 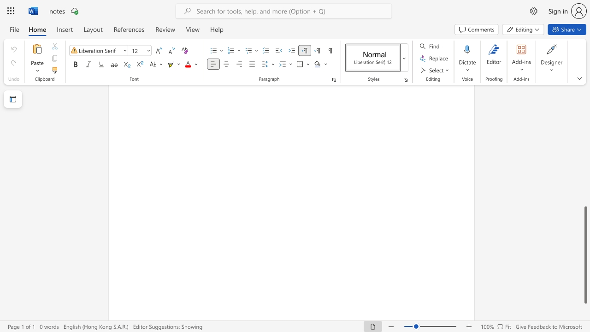 What do you see at coordinates (585, 119) in the screenshot?
I see `the scrollbar on the right` at bounding box center [585, 119].